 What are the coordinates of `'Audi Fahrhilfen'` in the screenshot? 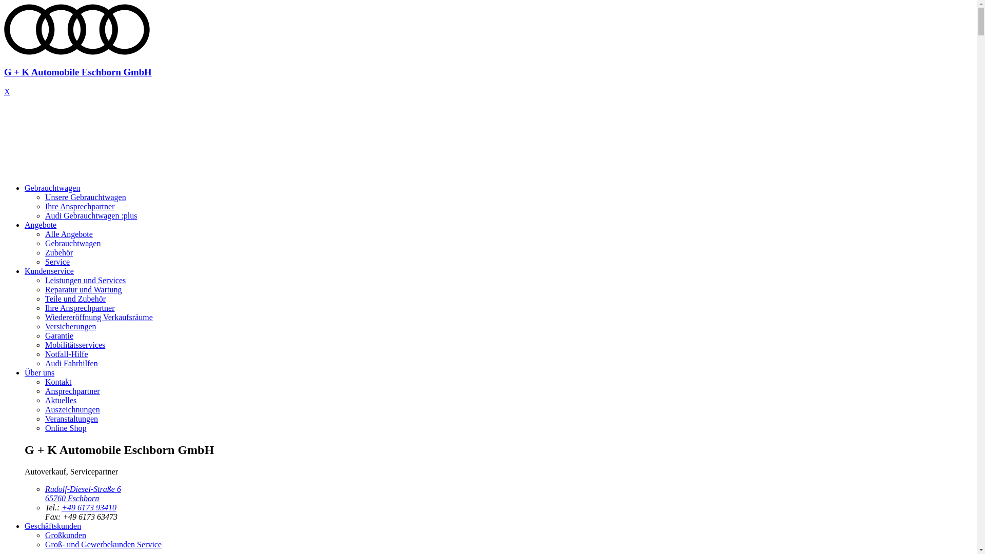 It's located at (44, 363).